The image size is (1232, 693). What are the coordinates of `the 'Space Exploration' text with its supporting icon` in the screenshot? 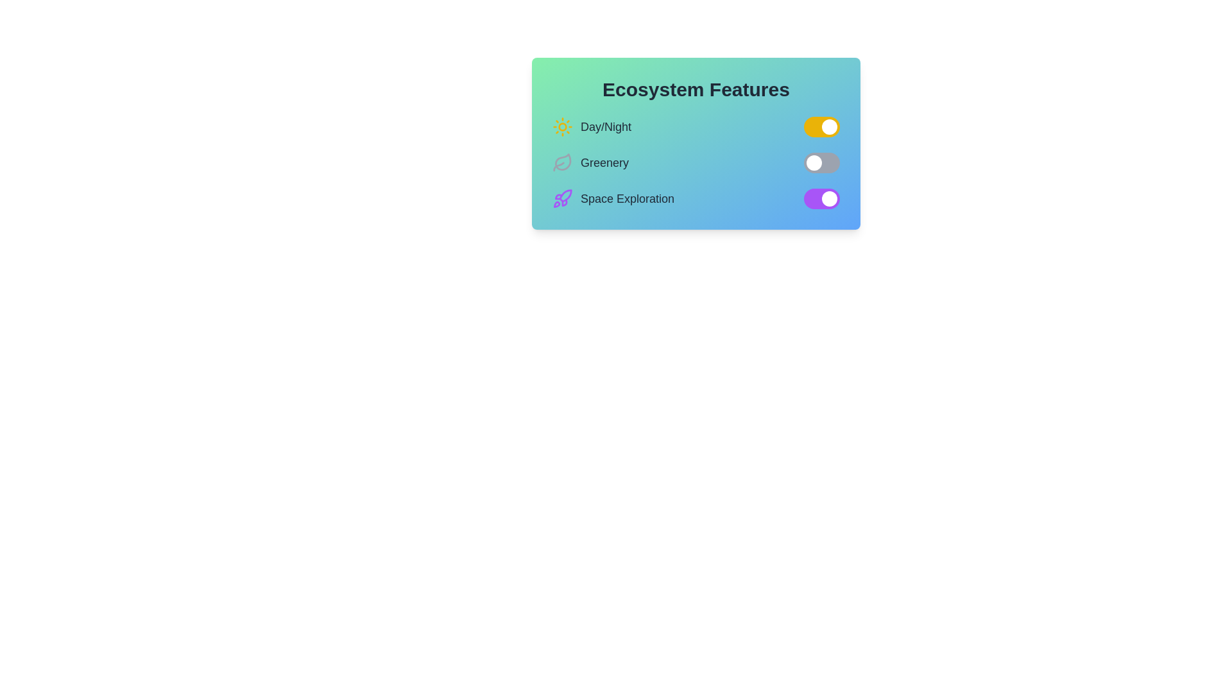 It's located at (612, 198).